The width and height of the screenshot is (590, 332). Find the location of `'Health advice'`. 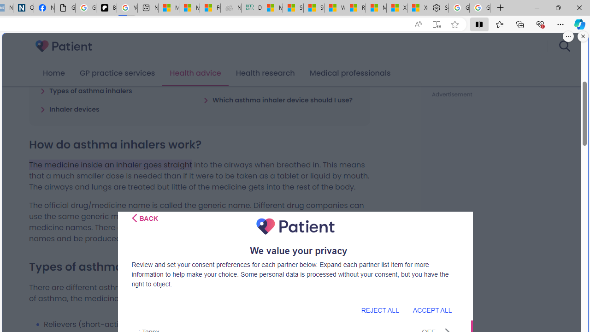

'Health advice' is located at coordinates (195, 73).